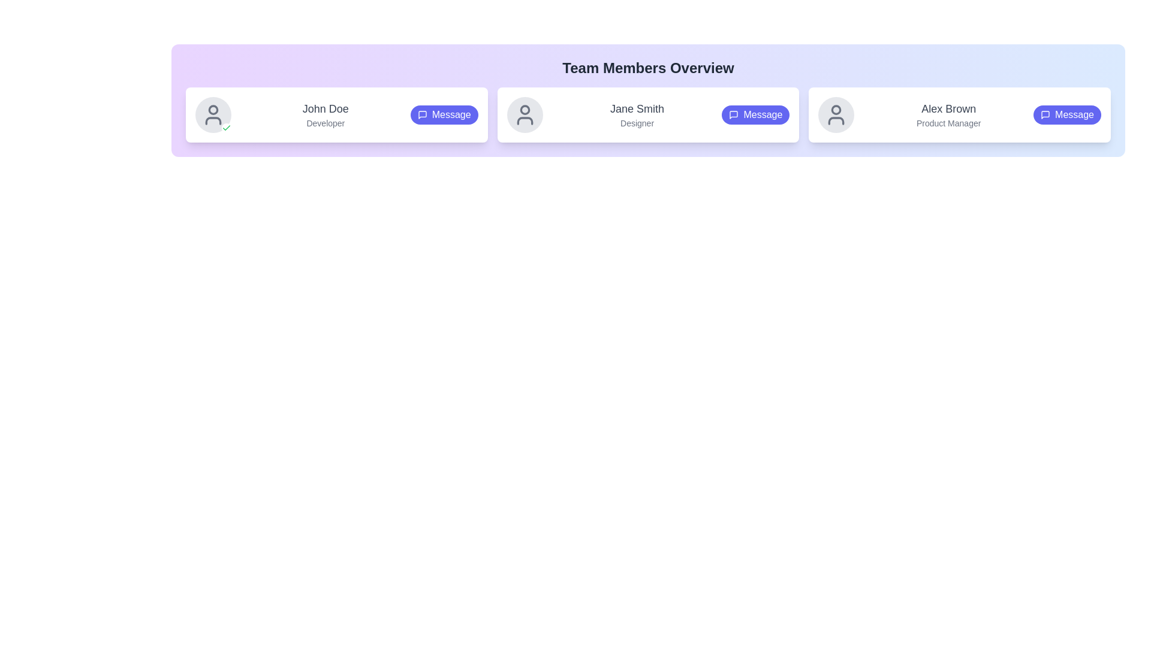 Image resolution: width=1151 pixels, height=647 pixels. Describe the element at coordinates (637, 115) in the screenshot. I see `the Text Display element featuring 'Jane Smith' and 'Designer', which is the second item in the team member cards list positioned horizontally` at that location.